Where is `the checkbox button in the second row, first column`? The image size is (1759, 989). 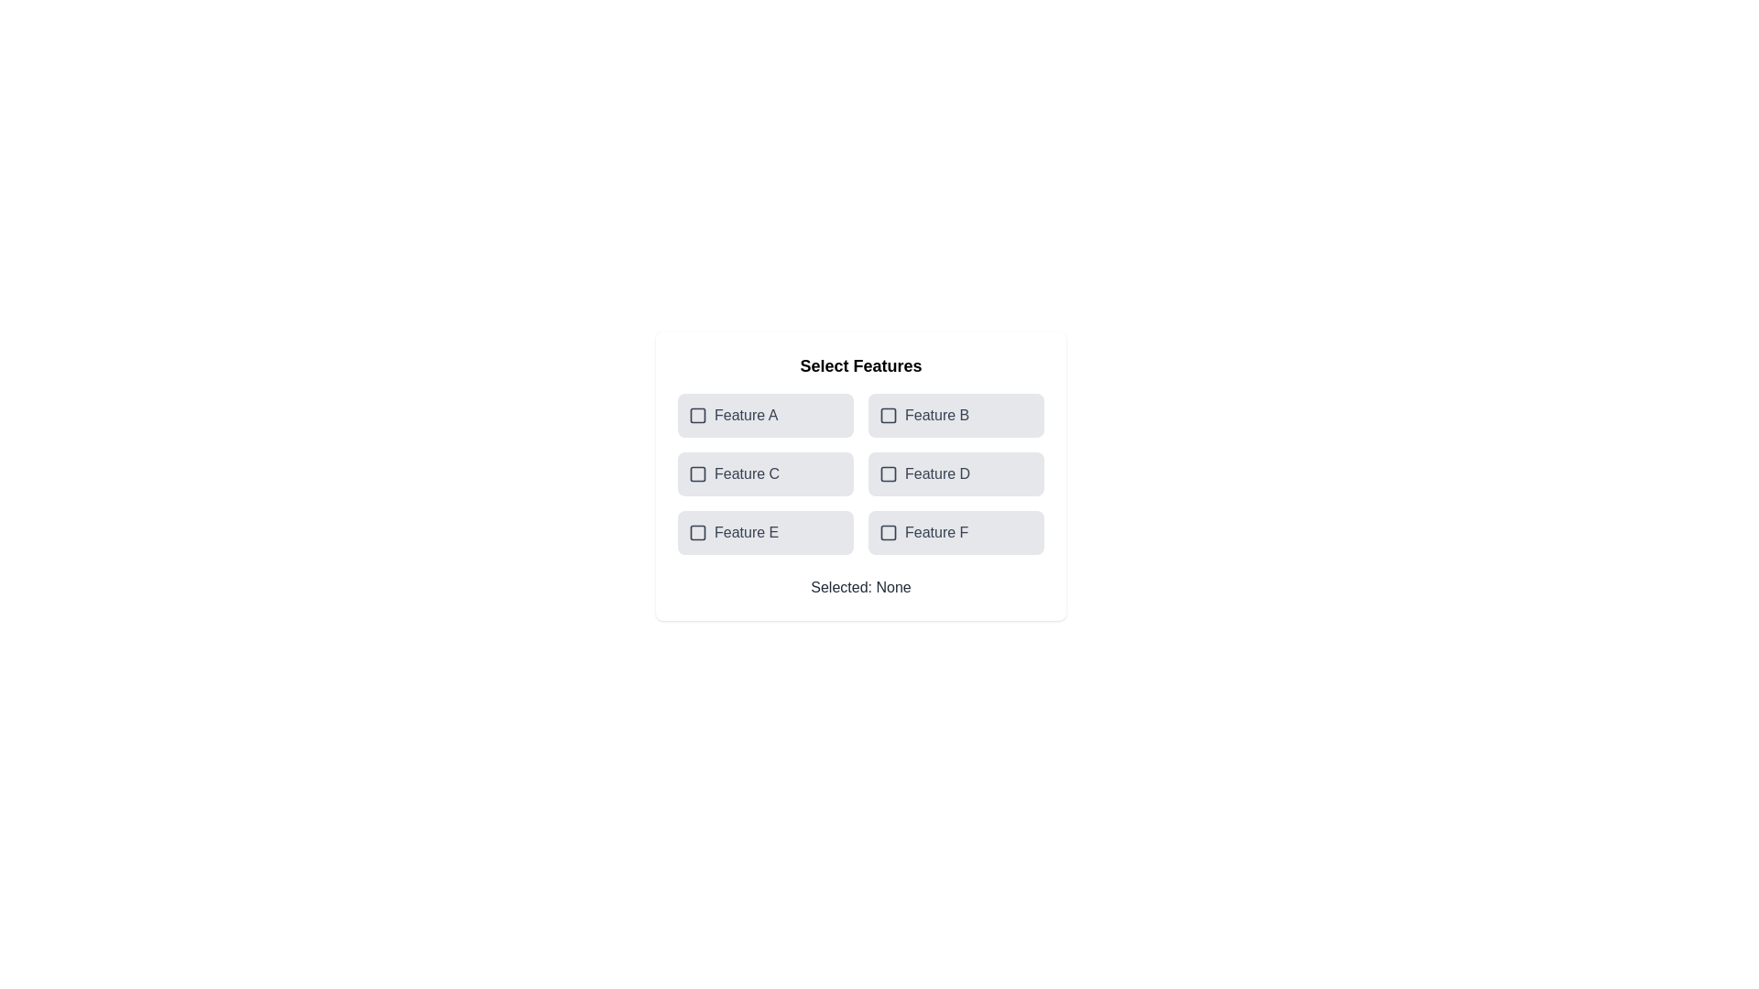 the checkbox button in the second row, first column is located at coordinates (765, 473).